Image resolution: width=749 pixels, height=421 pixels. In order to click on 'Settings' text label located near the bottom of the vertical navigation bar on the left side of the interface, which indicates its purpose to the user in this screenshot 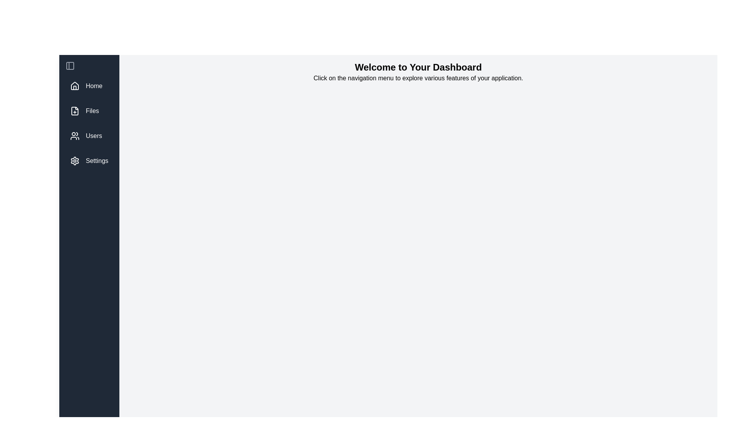, I will do `click(96, 160)`.